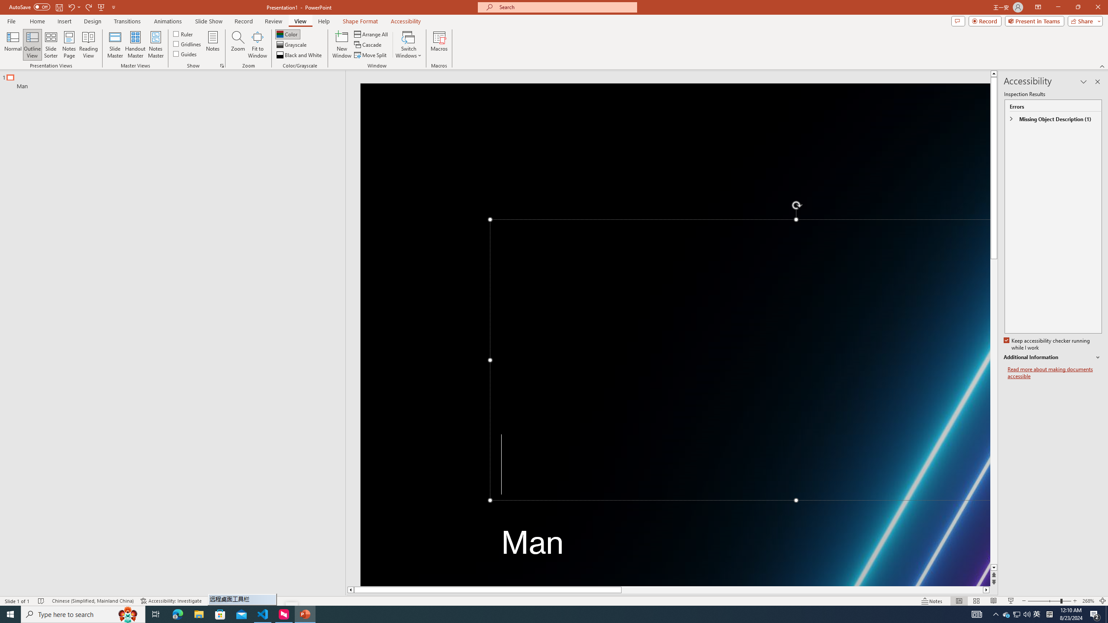  I want to click on 'Guides', so click(185, 53).